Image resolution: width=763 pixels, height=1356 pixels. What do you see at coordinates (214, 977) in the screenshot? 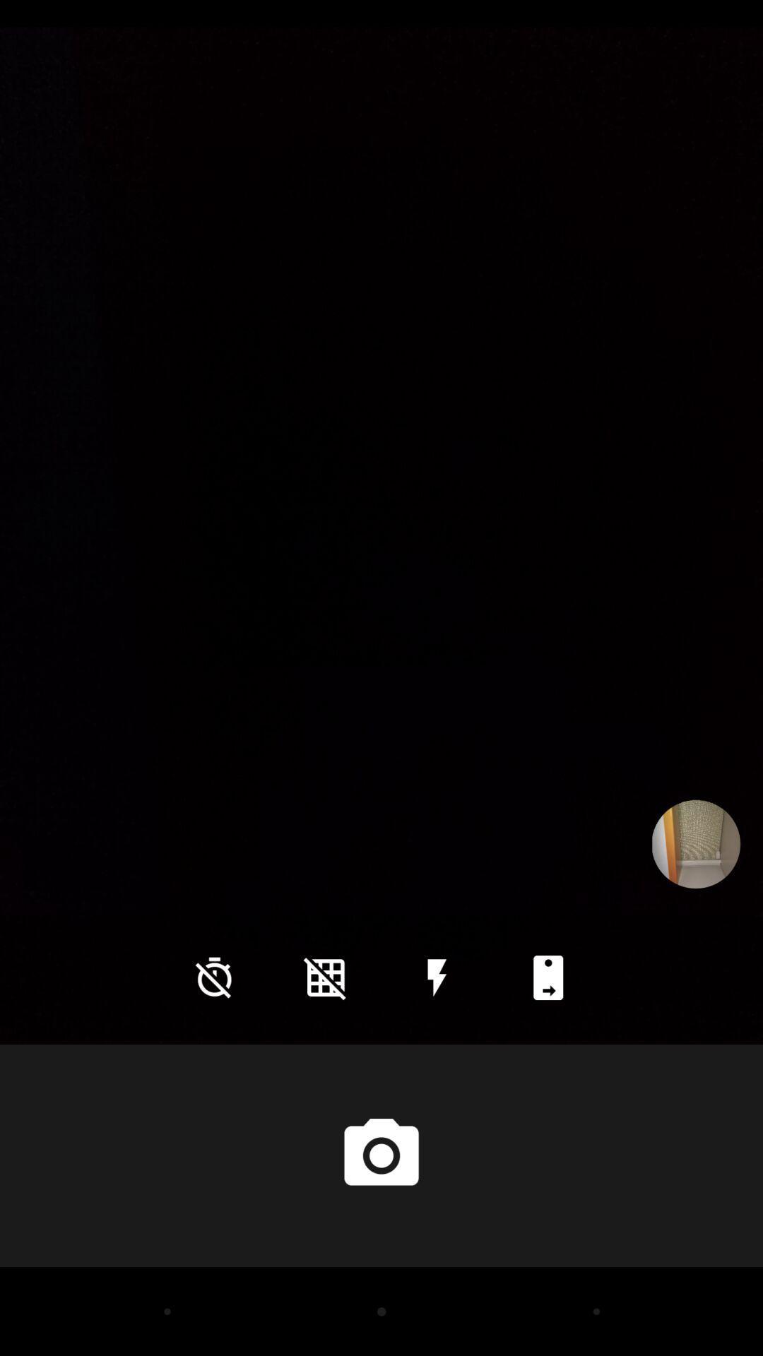
I see `the time icon` at bounding box center [214, 977].